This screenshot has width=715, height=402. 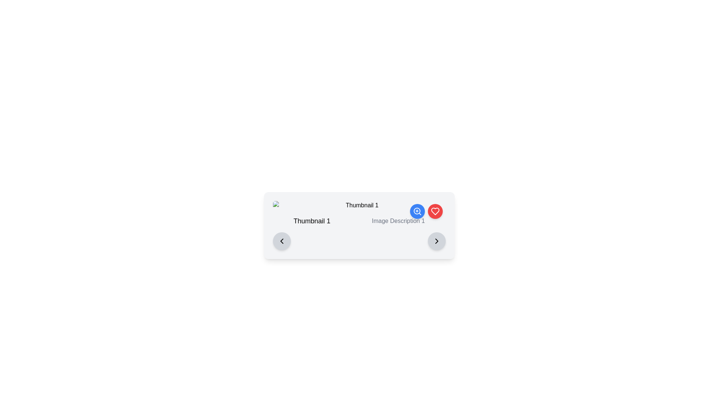 What do you see at coordinates (435, 211) in the screenshot?
I see `the heart-shaped icon filled with red color located in the upper-right corner of the card` at bounding box center [435, 211].